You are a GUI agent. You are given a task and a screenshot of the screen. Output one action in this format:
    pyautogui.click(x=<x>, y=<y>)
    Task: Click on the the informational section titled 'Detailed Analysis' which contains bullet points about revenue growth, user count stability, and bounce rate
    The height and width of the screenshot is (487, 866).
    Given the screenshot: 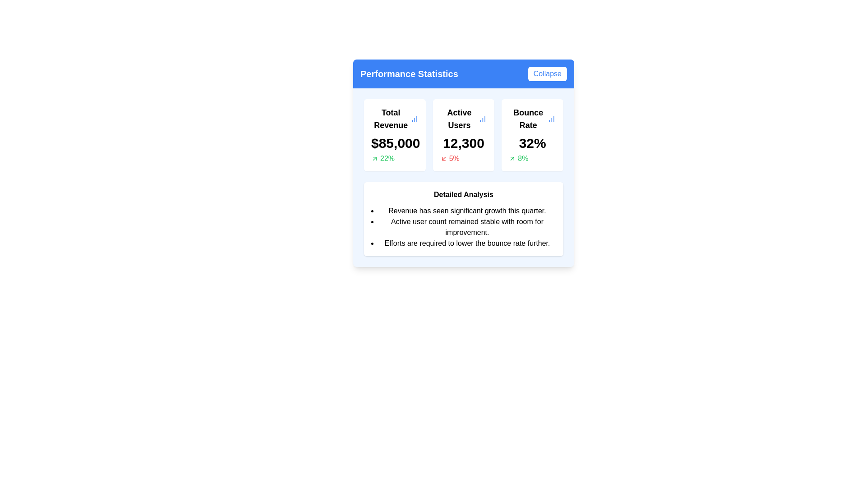 What is the action you would take?
    pyautogui.click(x=463, y=219)
    